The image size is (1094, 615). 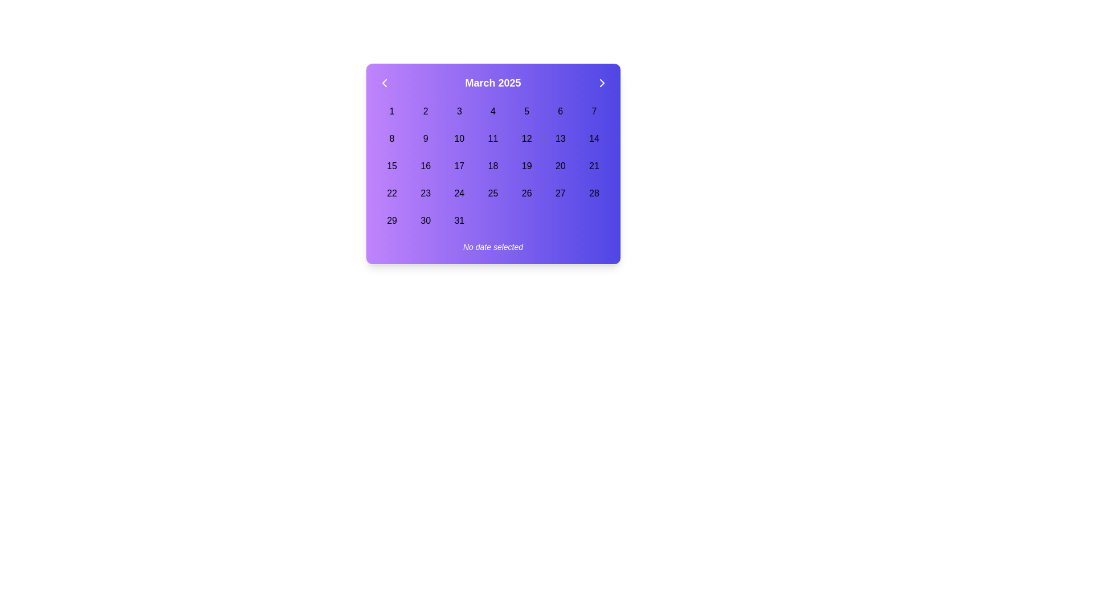 I want to click on the navigation button located at the far-right end of the calendar header bar, so click(x=601, y=83).